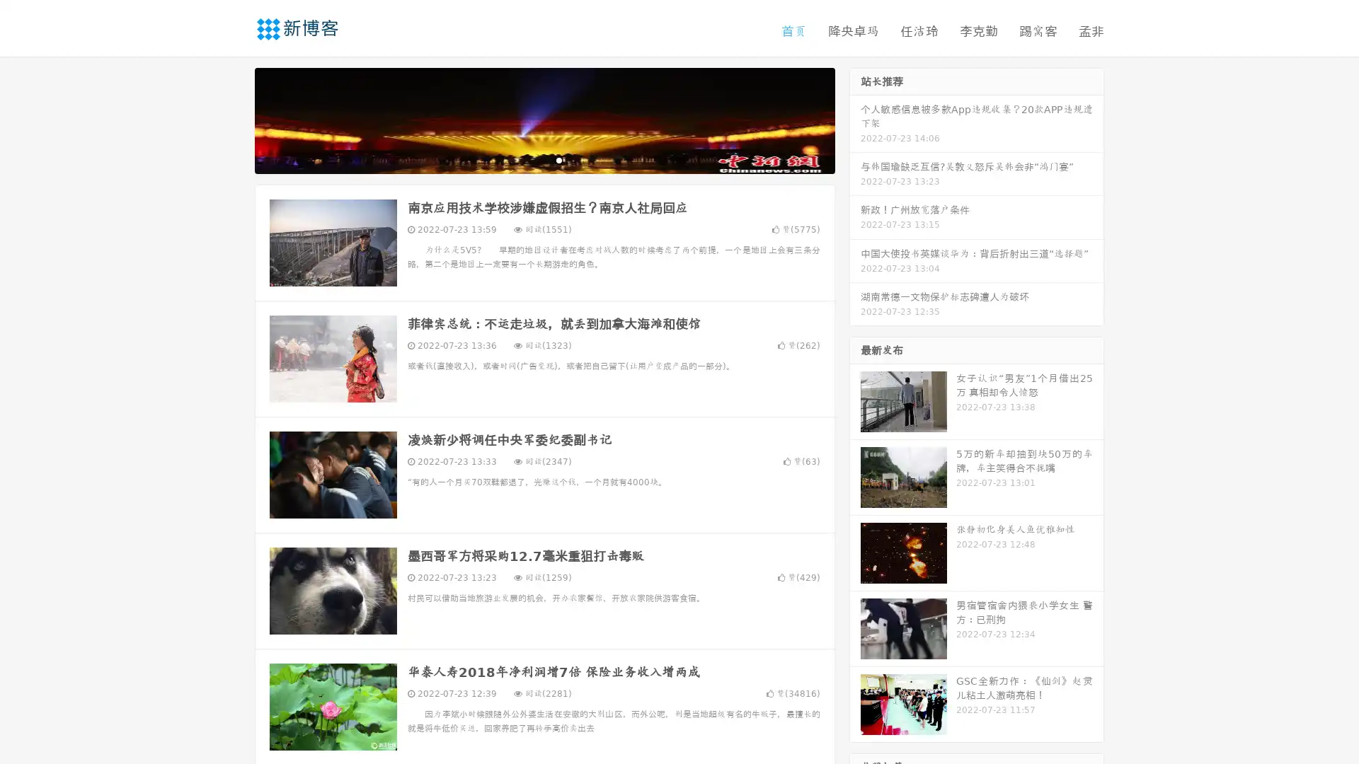 The image size is (1359, 764). I want to click on Go to slide 1, so click(529, 159).